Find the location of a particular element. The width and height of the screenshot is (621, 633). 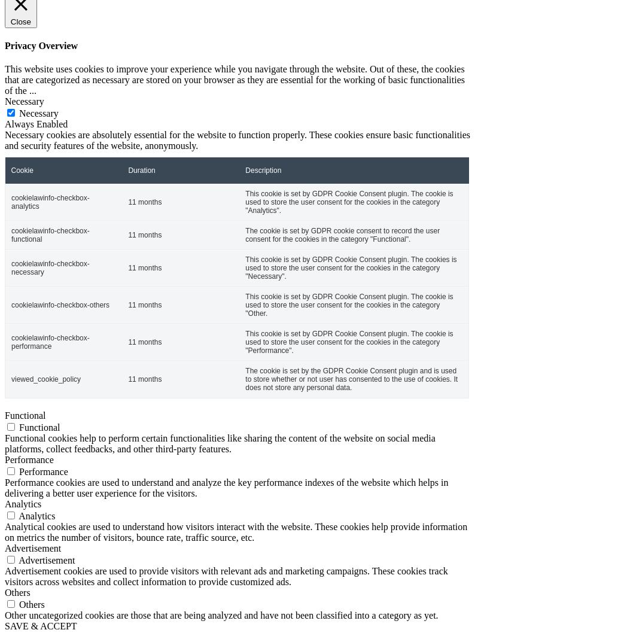

'cookielawinfo-checkbox-others' is located at coordinates (59, 304).